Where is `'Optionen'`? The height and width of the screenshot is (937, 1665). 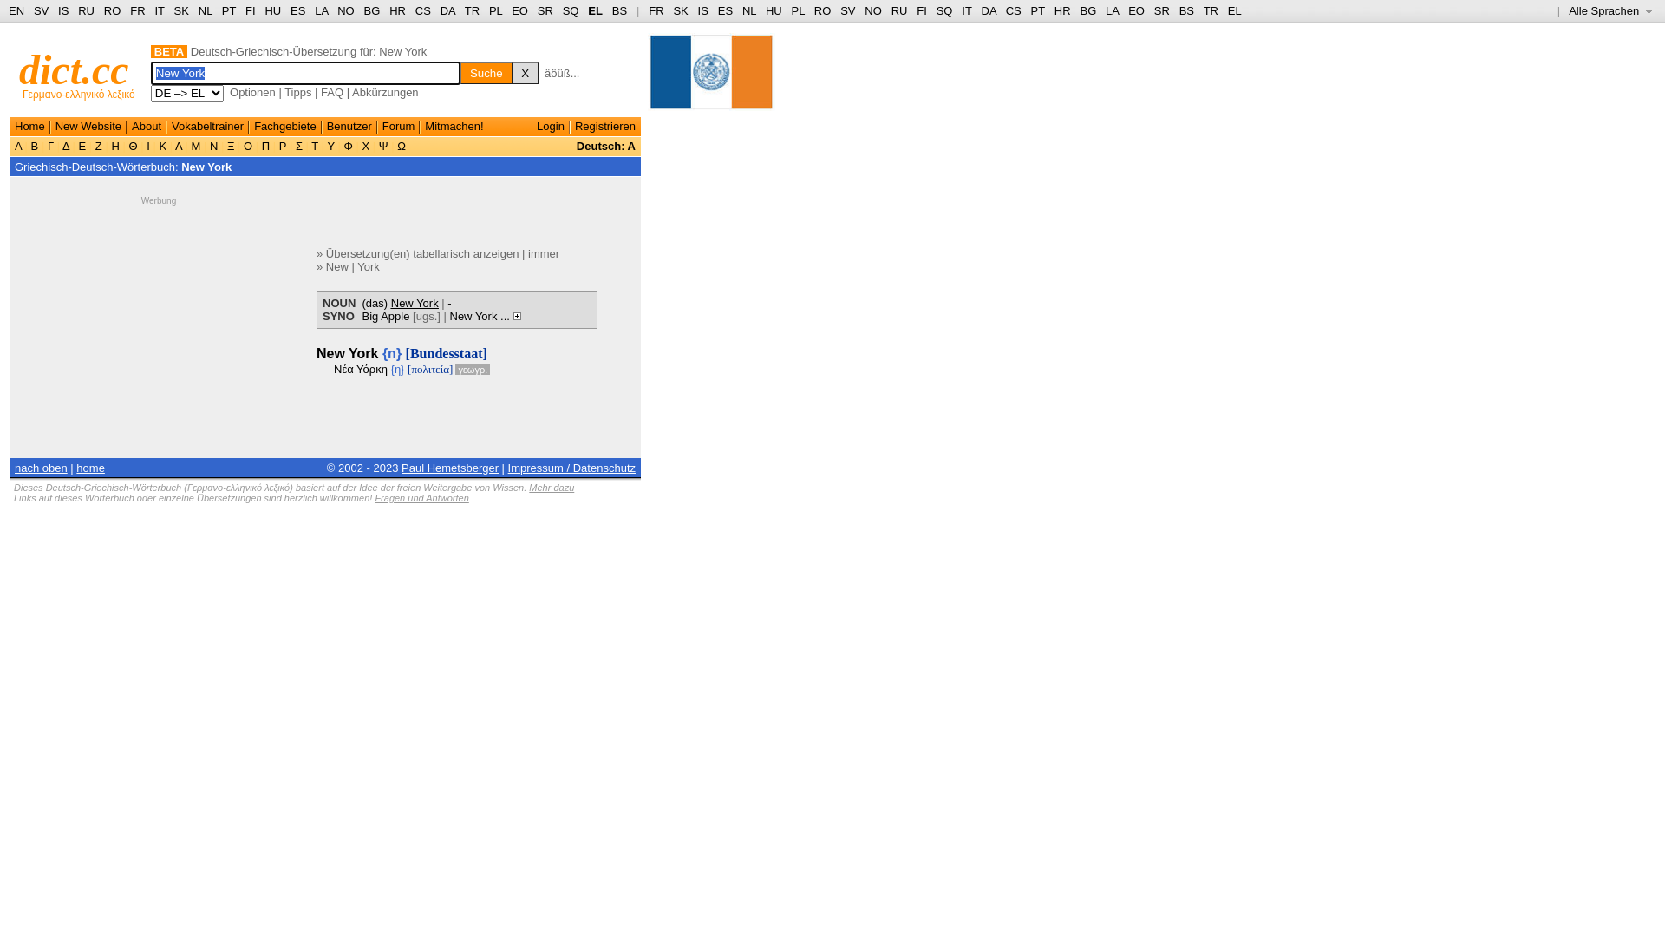 'Optionen' is located at coordinates (251, 92).